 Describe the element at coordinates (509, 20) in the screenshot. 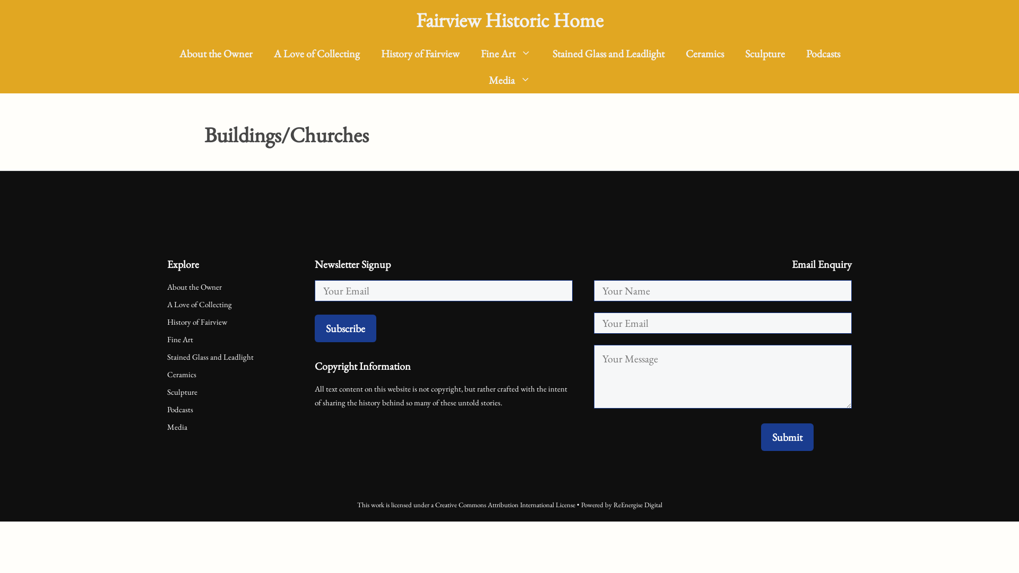

I see `'Fairview Historic Home'` at that location.